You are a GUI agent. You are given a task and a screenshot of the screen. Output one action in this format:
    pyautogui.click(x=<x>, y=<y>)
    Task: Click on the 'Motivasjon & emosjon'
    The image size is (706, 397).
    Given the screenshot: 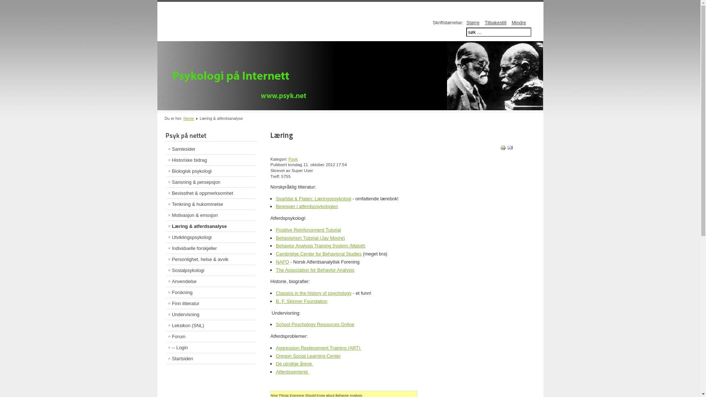 What is the action you would take?
    pyautogui.click(x=165, y=215)
    